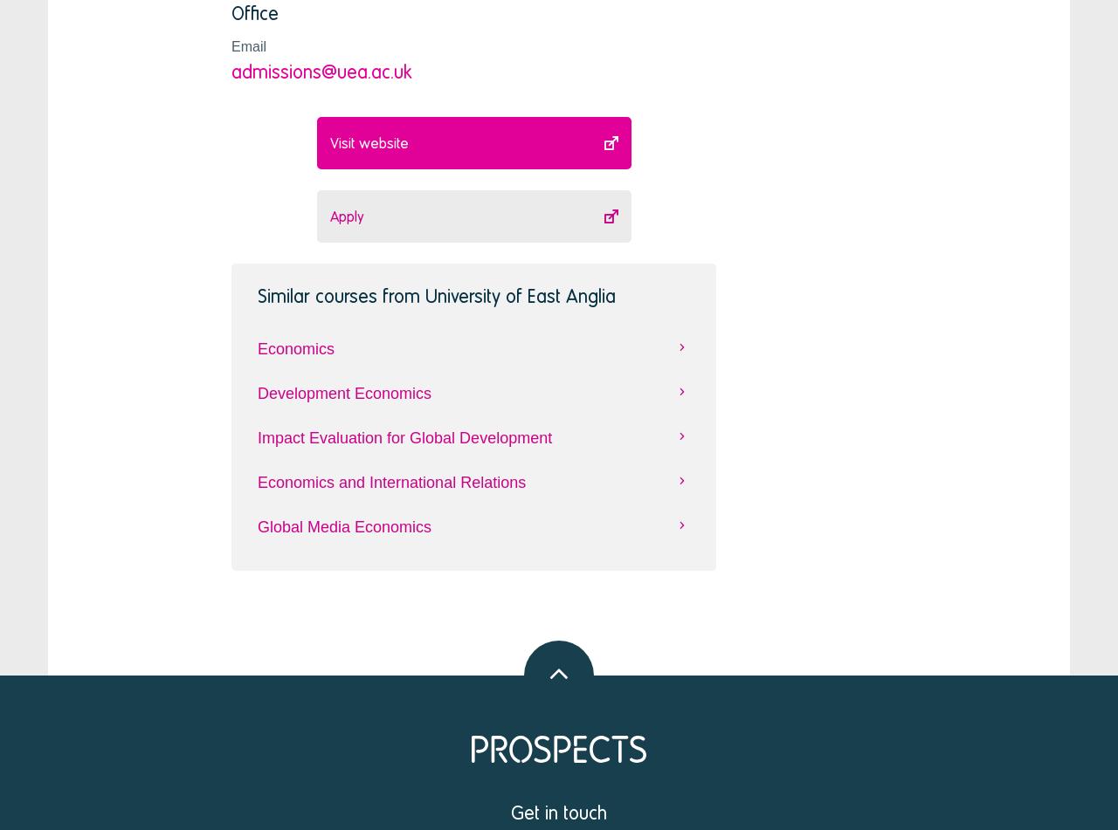  Describe the element at coordinates (436, 294) in the screenshot. I see `'Similar courses from University of East Anglia'` at that location.